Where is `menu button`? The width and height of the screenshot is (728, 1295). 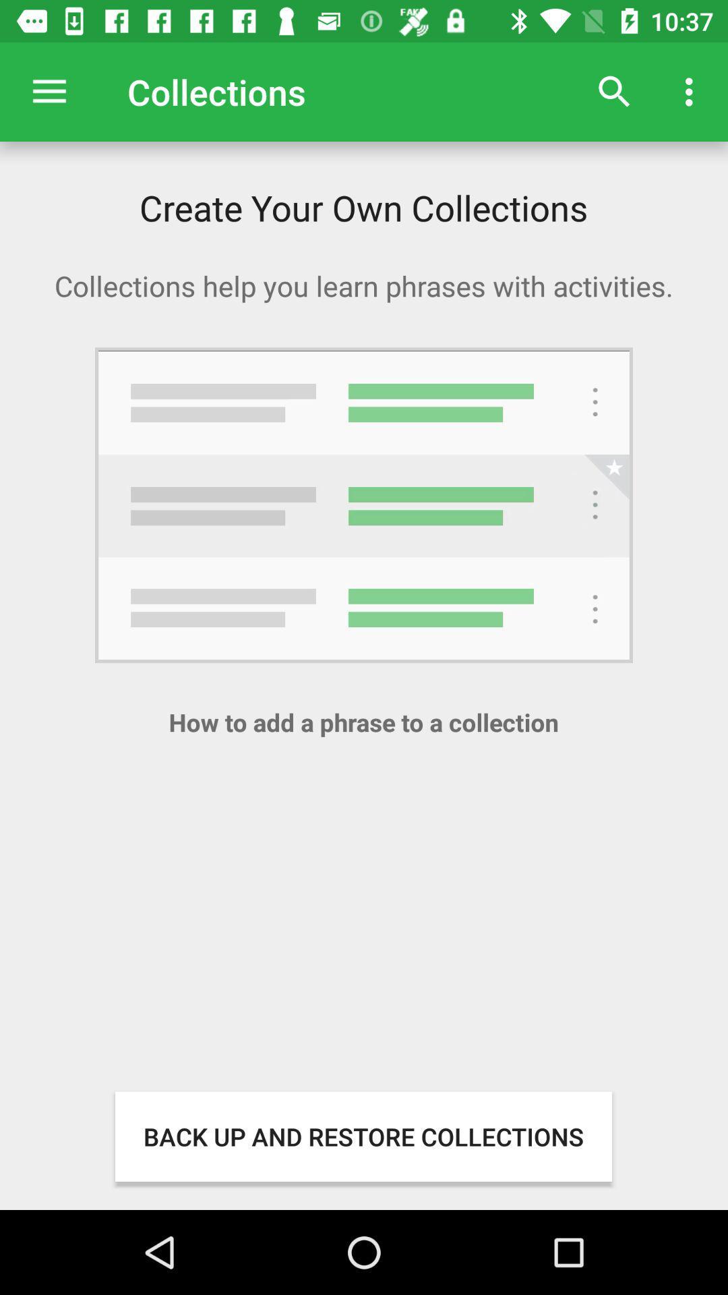
menu button is located at coordinates (49, 91).